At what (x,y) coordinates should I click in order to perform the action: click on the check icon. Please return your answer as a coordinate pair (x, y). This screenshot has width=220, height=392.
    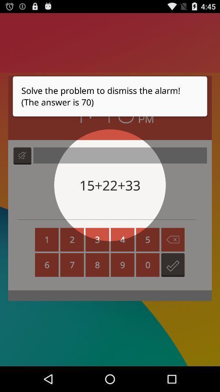
    Looking at the image, I should click on (172, 283).